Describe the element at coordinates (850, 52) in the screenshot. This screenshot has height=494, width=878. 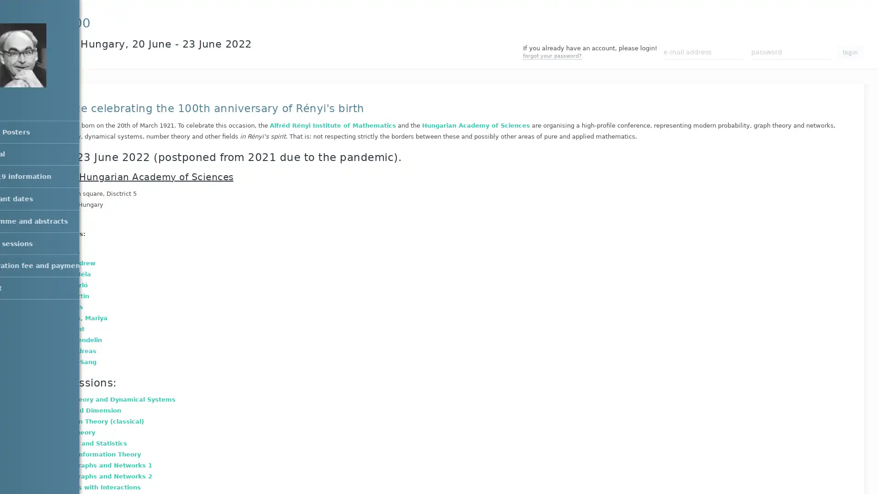
I see `login` at that location.